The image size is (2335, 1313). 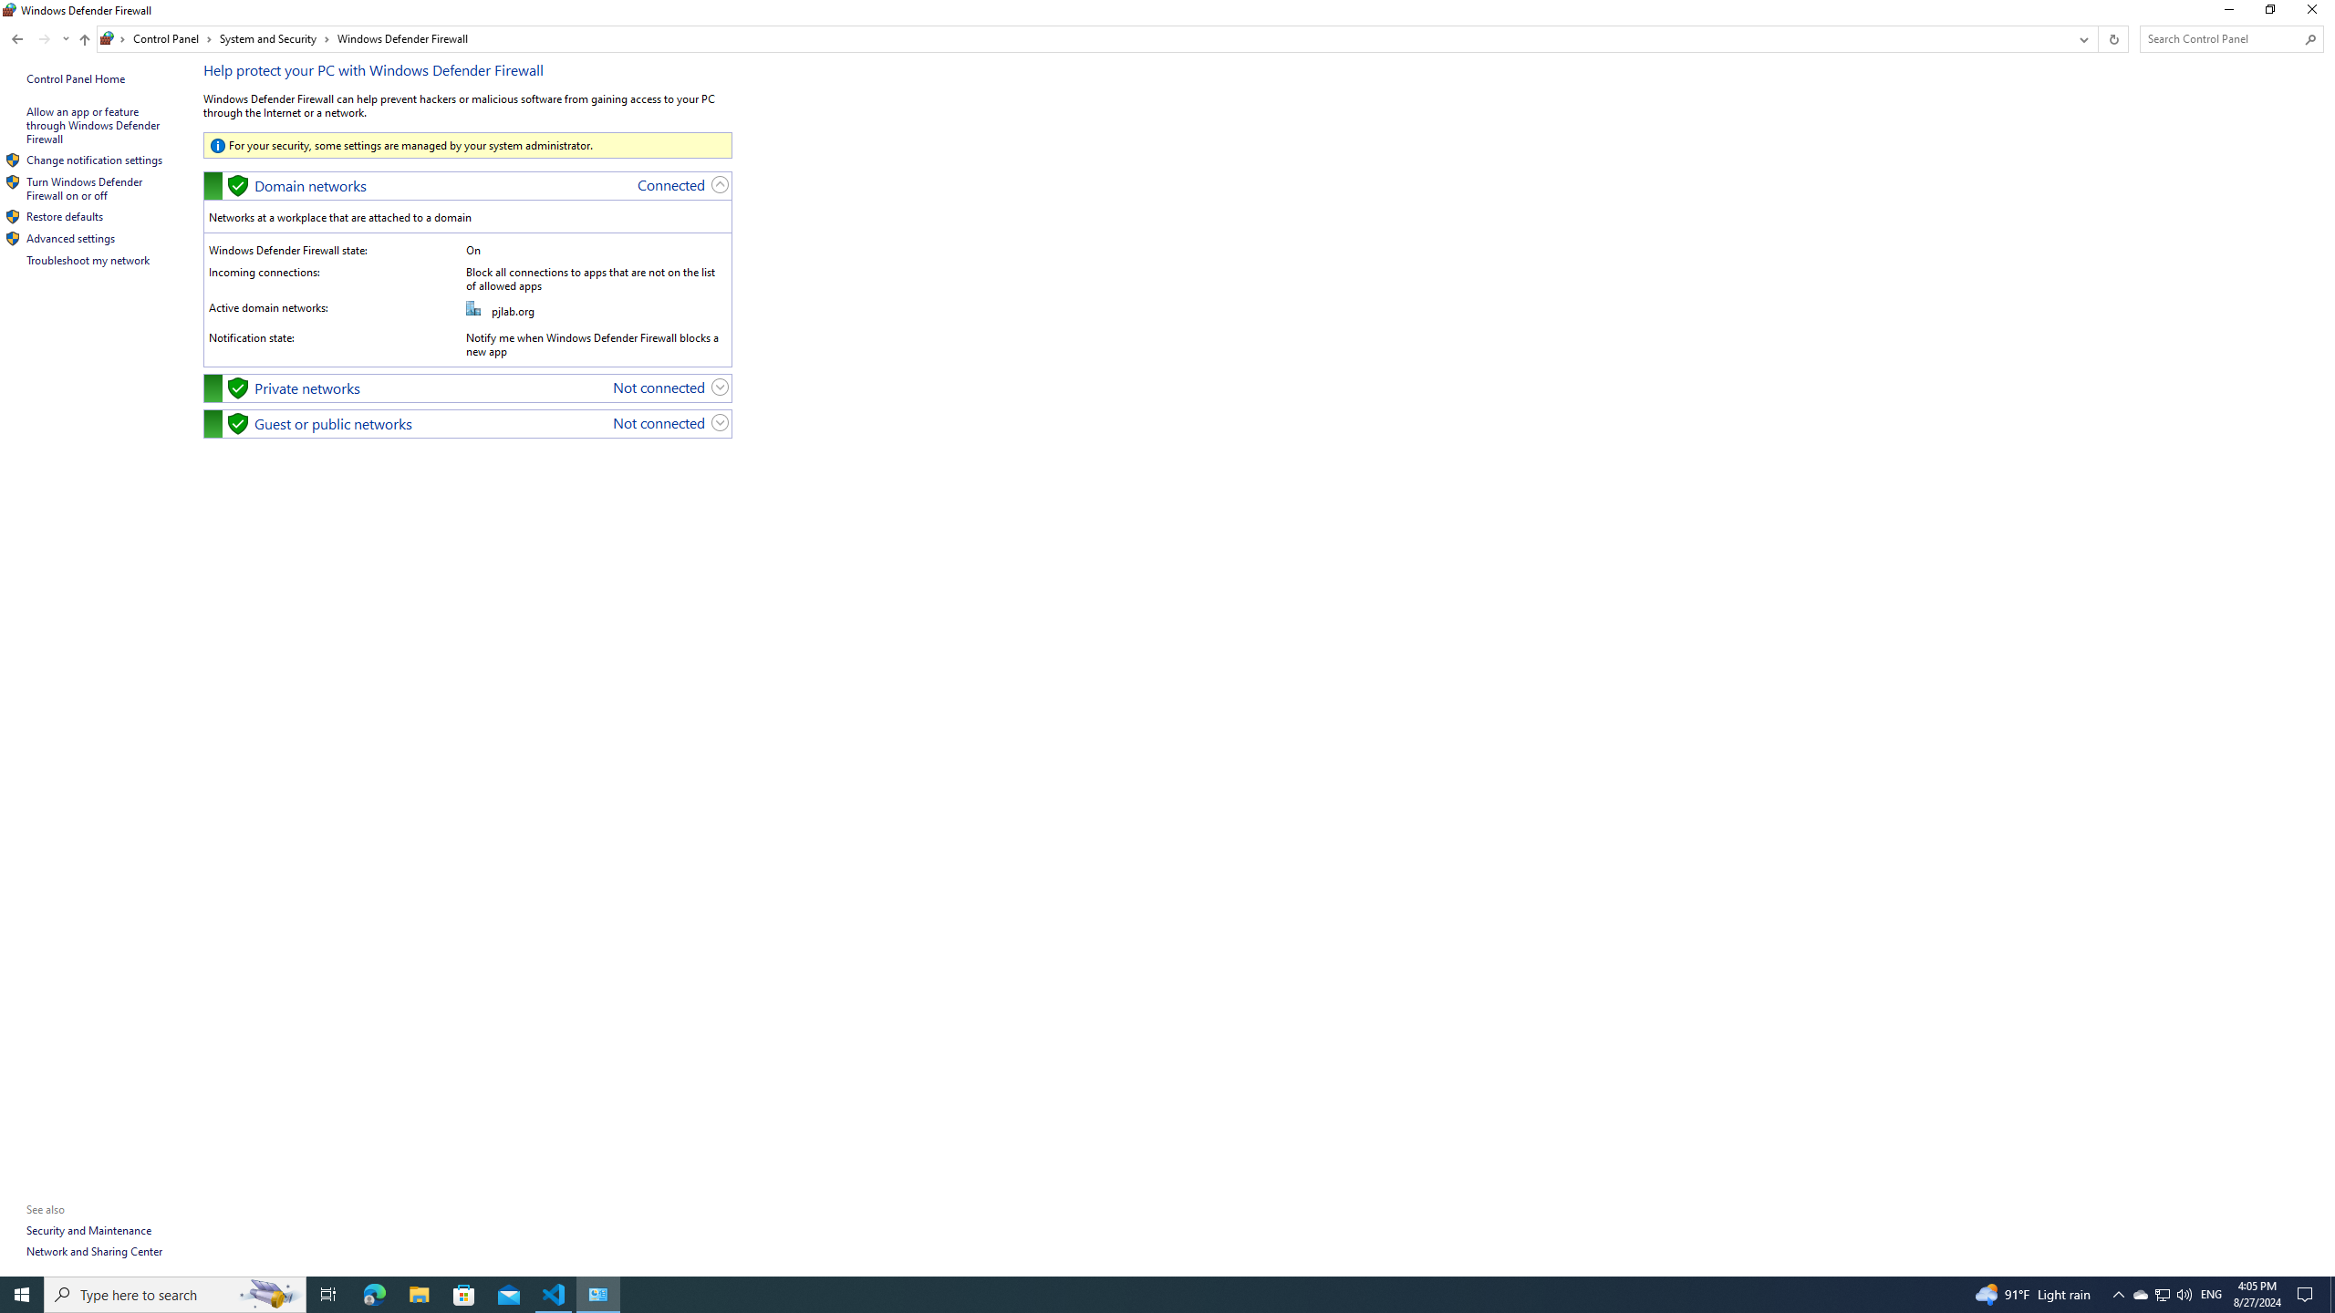 I want to click on 'Search highlights icon opens search home window', so click(x=268, y=1293).